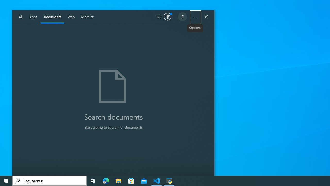  What do you see at coordinates (206, 17) in the screenshot?
I see `'Close Windows Search'` at bounding box center [206, 17].